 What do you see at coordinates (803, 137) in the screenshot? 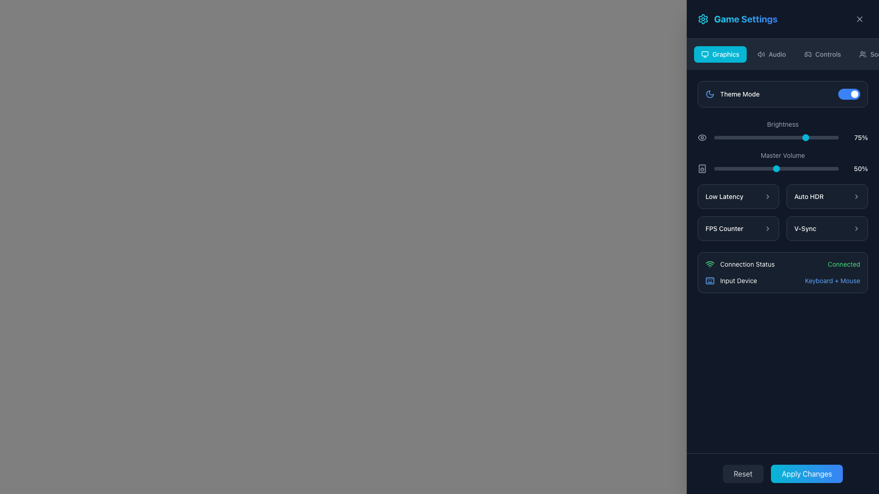
I see `the brightness` at bounding box center [803, 137].